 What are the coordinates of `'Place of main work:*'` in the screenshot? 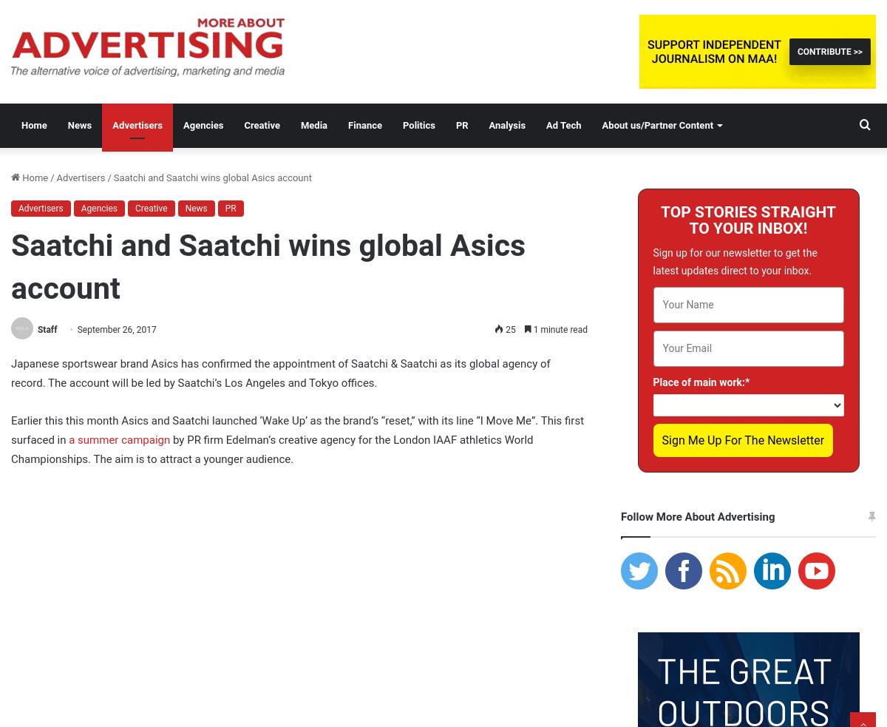 It's located at (701, 382).